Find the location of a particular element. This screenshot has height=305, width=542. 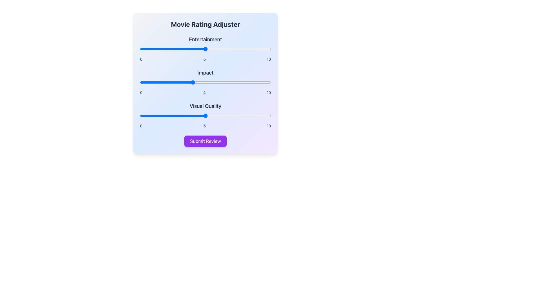

the submit button located at the bottom of the card to observe its interactivity before submitting the review or ratings is located at coordinates (205, 141).